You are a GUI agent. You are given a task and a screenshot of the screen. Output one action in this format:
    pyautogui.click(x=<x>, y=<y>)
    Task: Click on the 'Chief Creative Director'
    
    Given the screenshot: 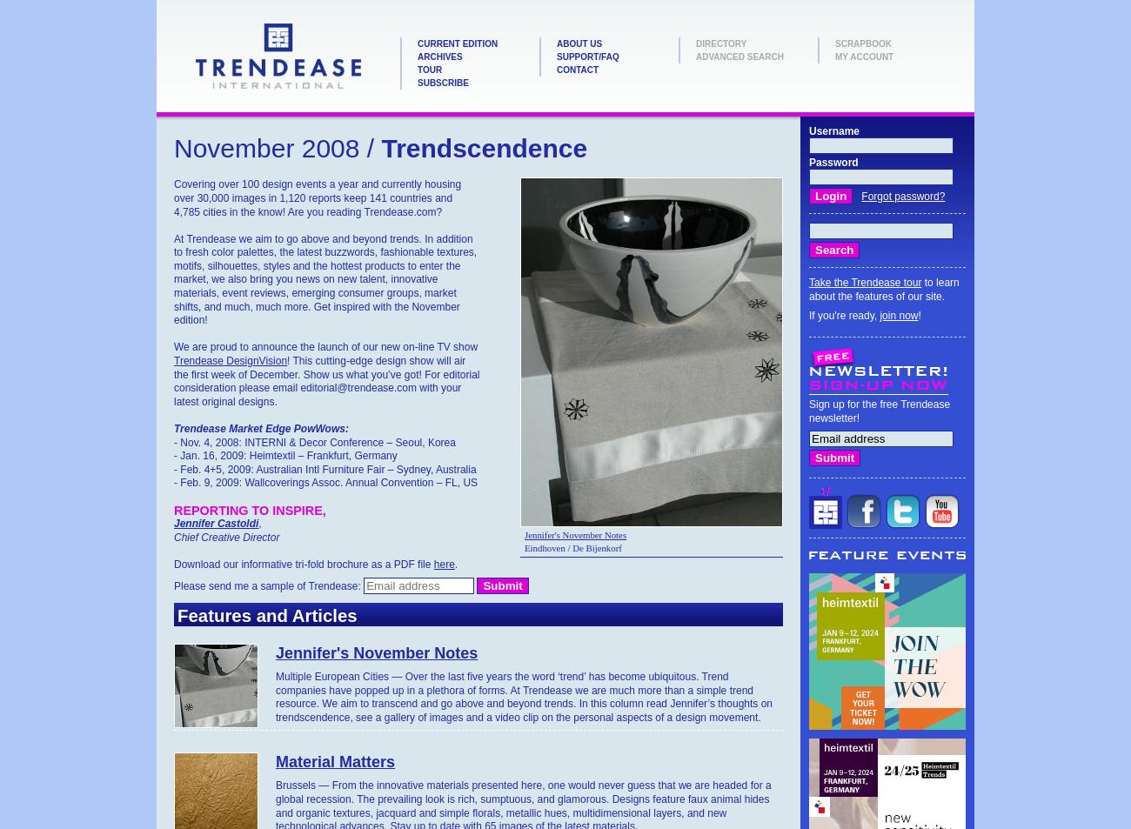 What is the action you would take?
    pyautogui.click(x=173, y=536)
    